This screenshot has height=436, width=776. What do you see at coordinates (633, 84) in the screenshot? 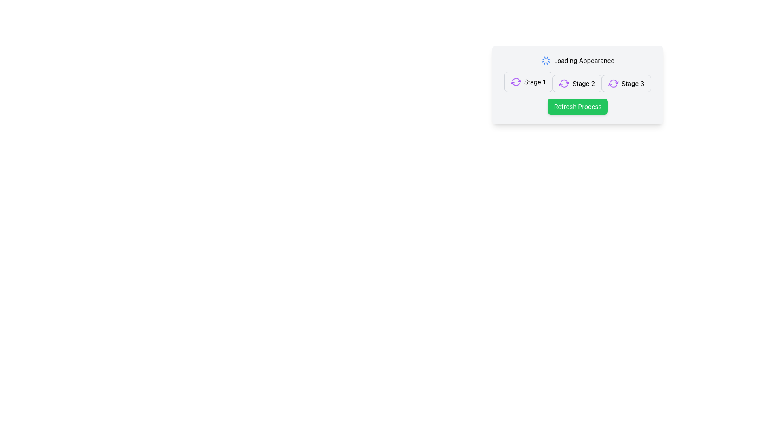
I see `the 'Stage 3' static text label, which is the third element in a horizontally aligned group of stage labels` at bounding box center [633, 84].